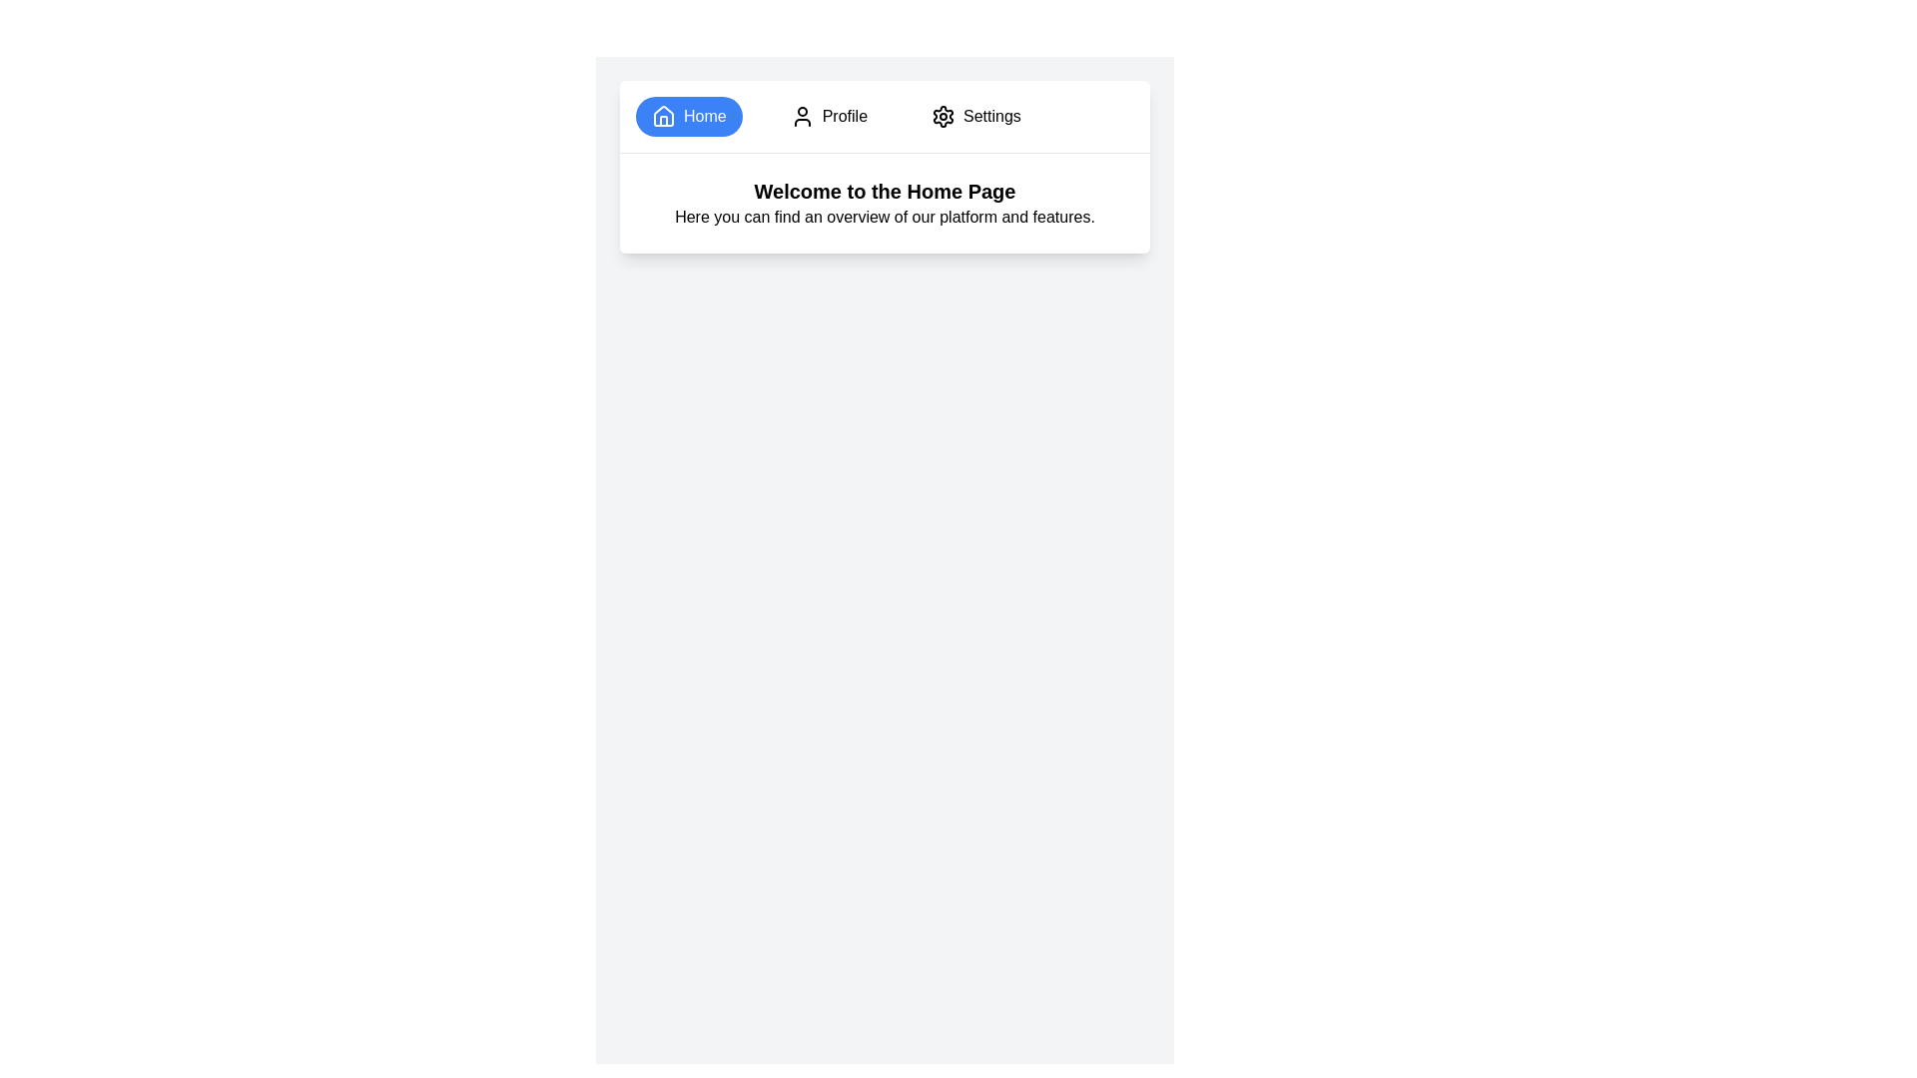  Describe the element at coordinates (884, 204) in the screenshot. I see `the text block displaying 'Welcome to the Home Page' and its description below the header section` at that location.